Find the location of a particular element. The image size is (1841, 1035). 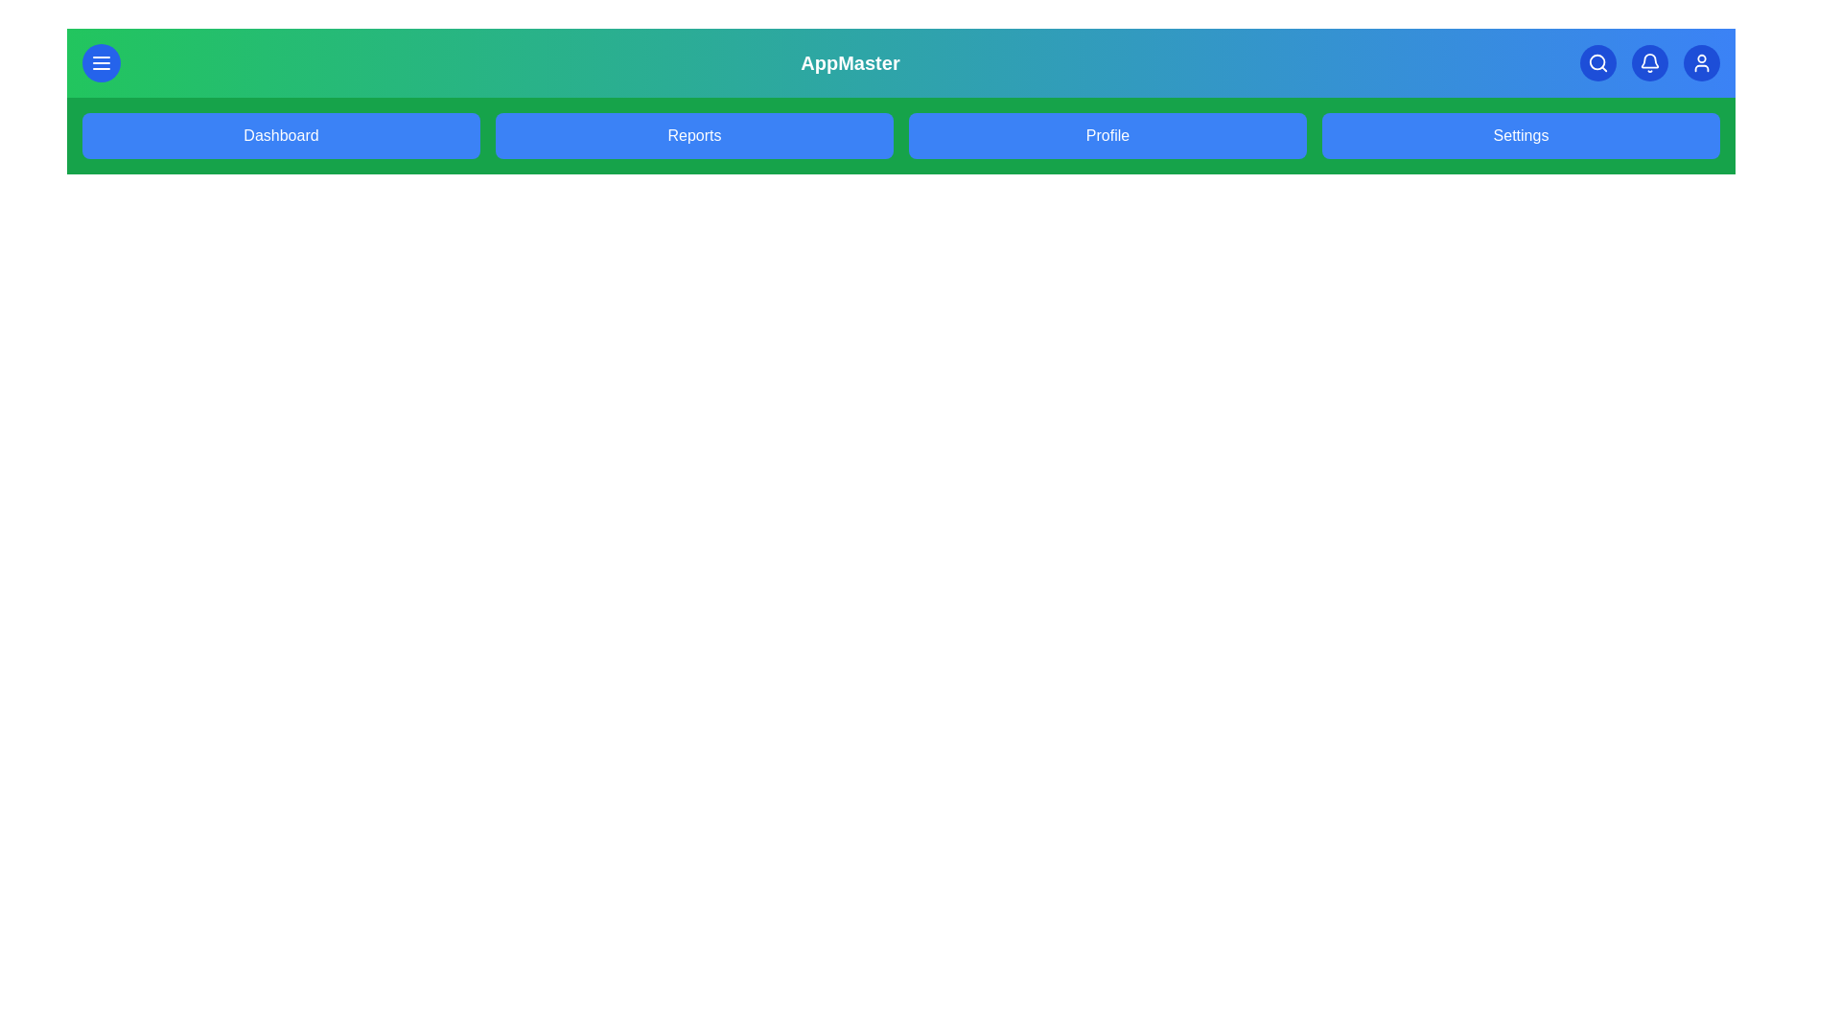

the Dashboard link in the navigation bar is located at coordinates (280, 135).